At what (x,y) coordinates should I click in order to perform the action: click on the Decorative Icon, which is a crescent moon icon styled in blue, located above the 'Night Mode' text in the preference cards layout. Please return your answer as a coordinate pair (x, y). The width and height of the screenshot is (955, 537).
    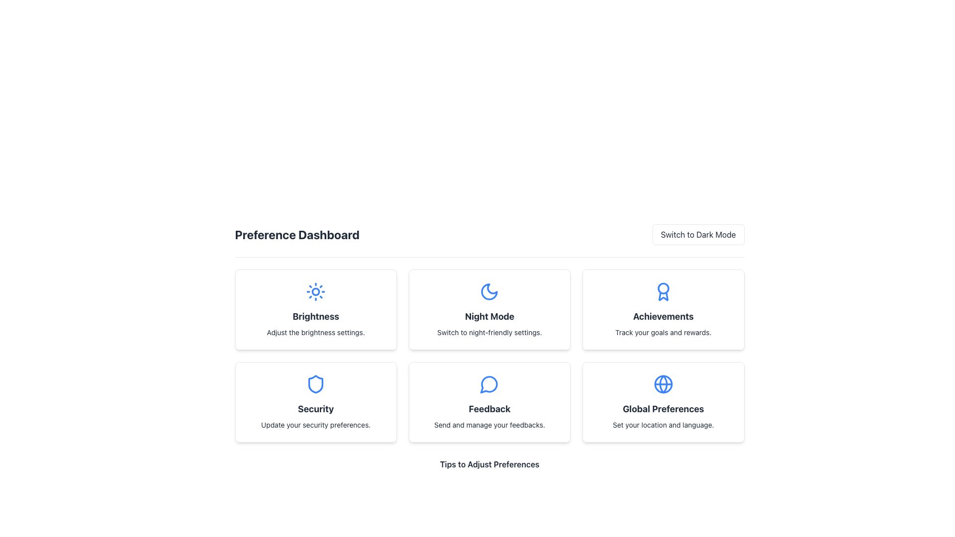
    Looking at the image, I should click on (489, 291).